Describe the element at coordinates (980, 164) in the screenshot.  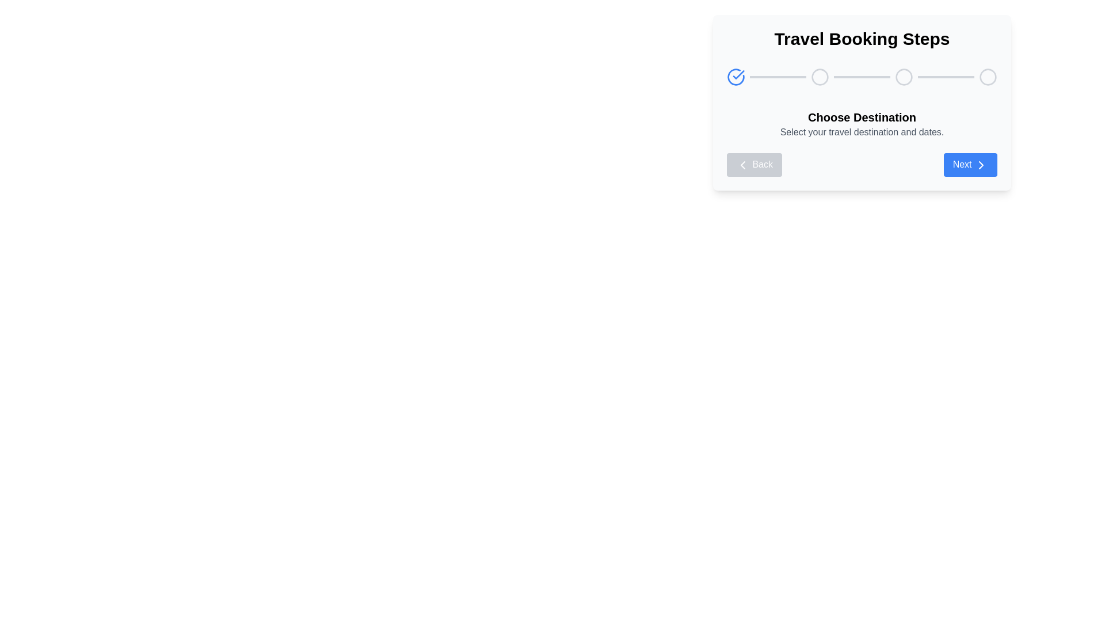
I see `the right-facing chevron arrow icon inside the 'Next' button, which is located in the bottom-right part of the step navigation interface` at that location.